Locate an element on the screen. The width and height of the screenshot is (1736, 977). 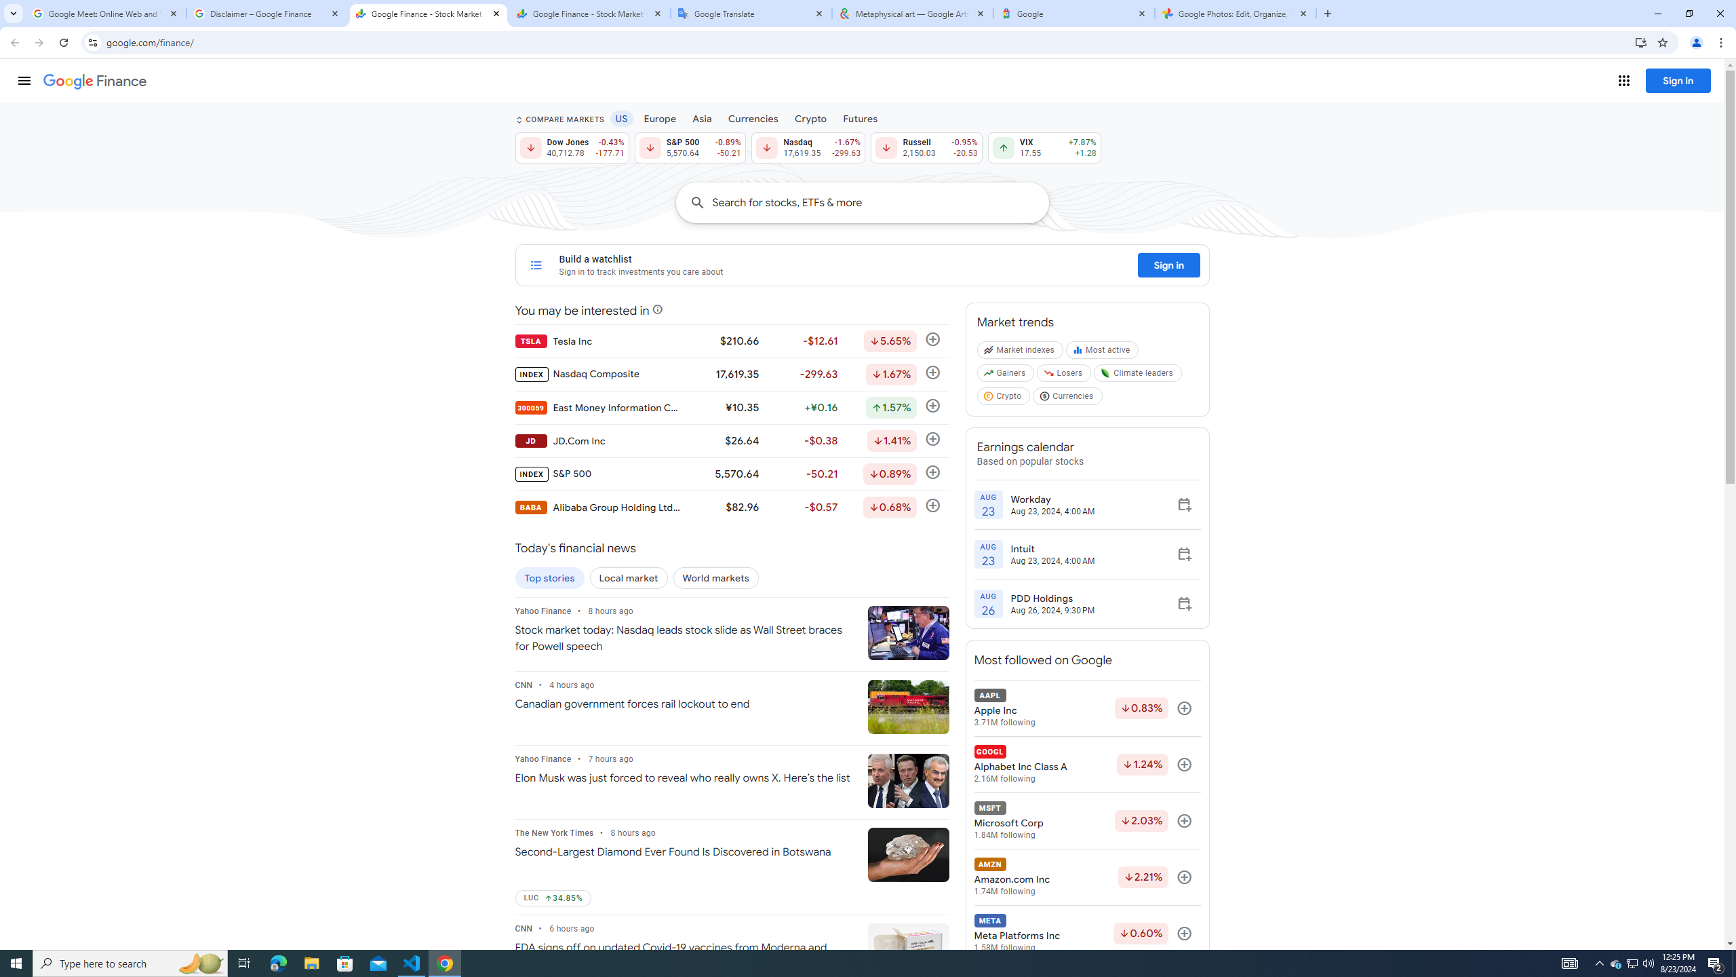
'Gainers' is located at coordinates (1006, 376).